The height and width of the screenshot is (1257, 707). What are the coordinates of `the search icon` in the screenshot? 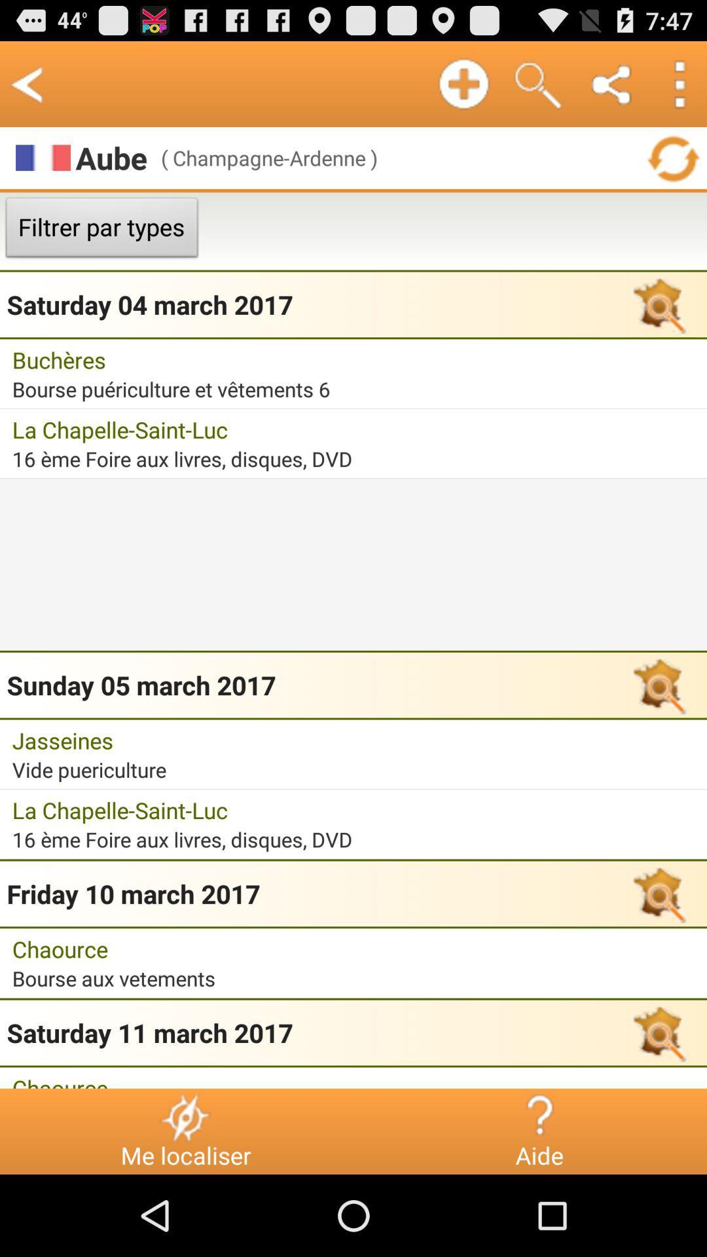 It's located at (537, 89).